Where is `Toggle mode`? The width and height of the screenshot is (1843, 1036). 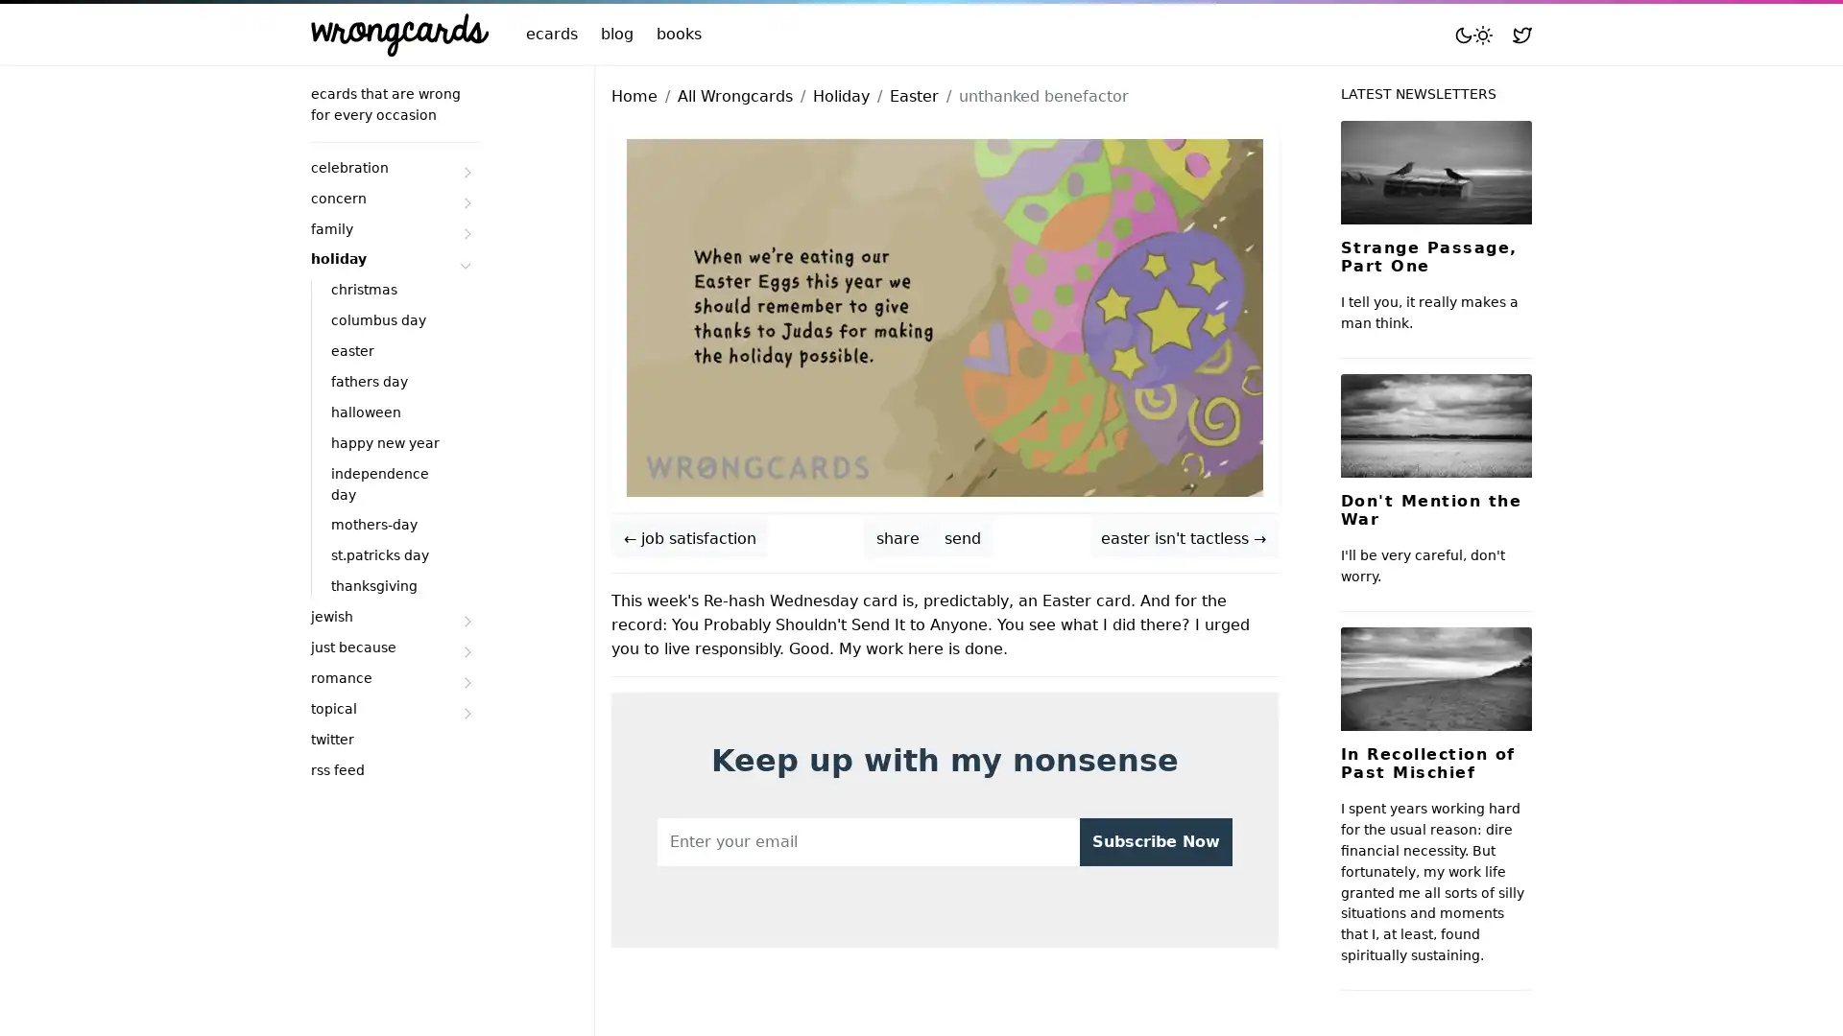 Toggle mode is located at coordinates (1472, 34).